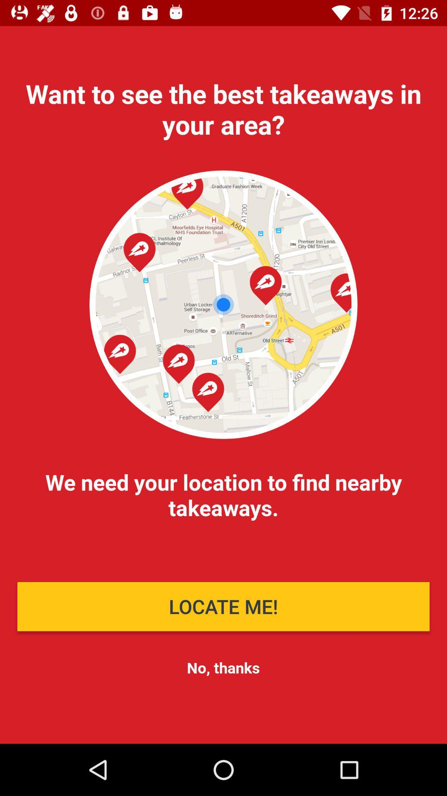 The image size is (447, 796). What do you see at coordinates (223, 607) in the screenshot?
I see `the icon above no, thanks icon` at bounding box center [223, 607].